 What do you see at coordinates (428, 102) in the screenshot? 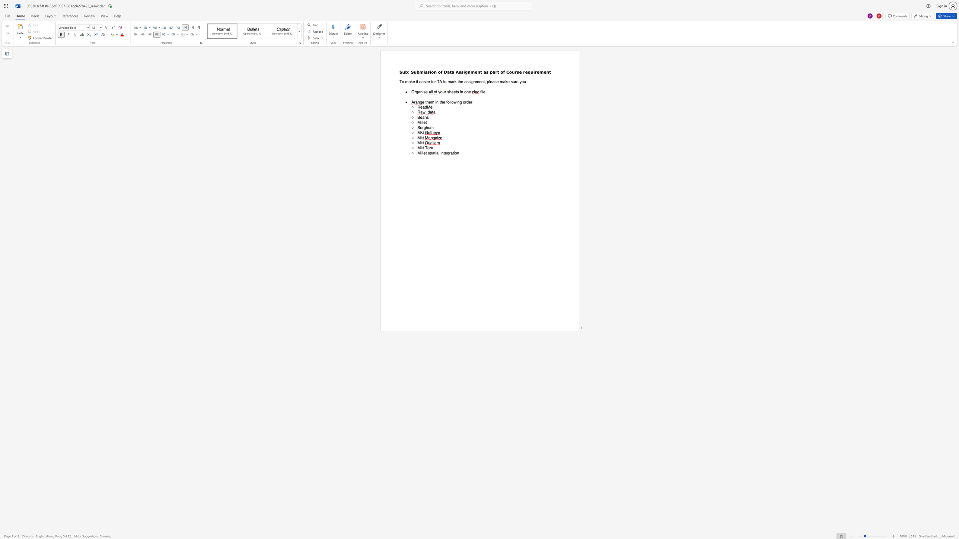
I see `the subset text "em in the following order:" within the text "them in the following order:"` at bounding box center [428, 102].